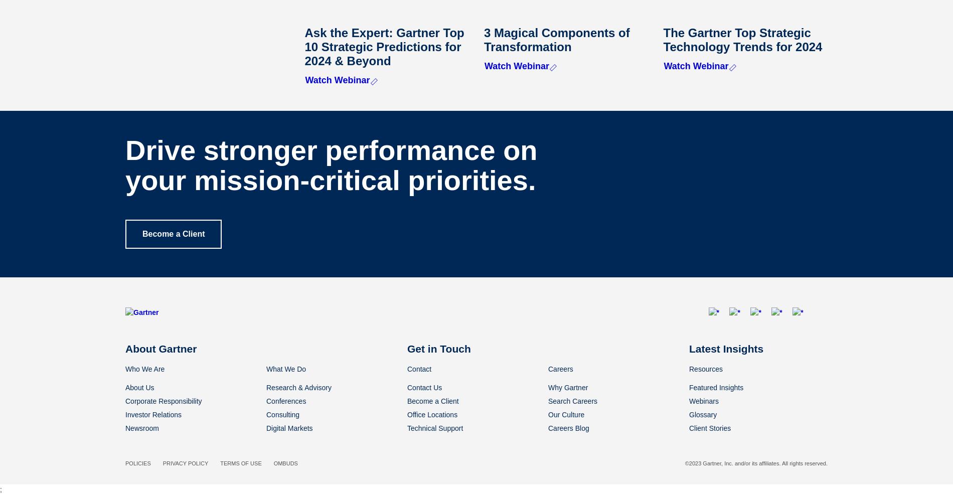 The height and width of the screenshot is (494, 953). What do you see at coordinates (703, 401) in the screenshot?
I see `'Webinars'` at bounding box center [703, 401].